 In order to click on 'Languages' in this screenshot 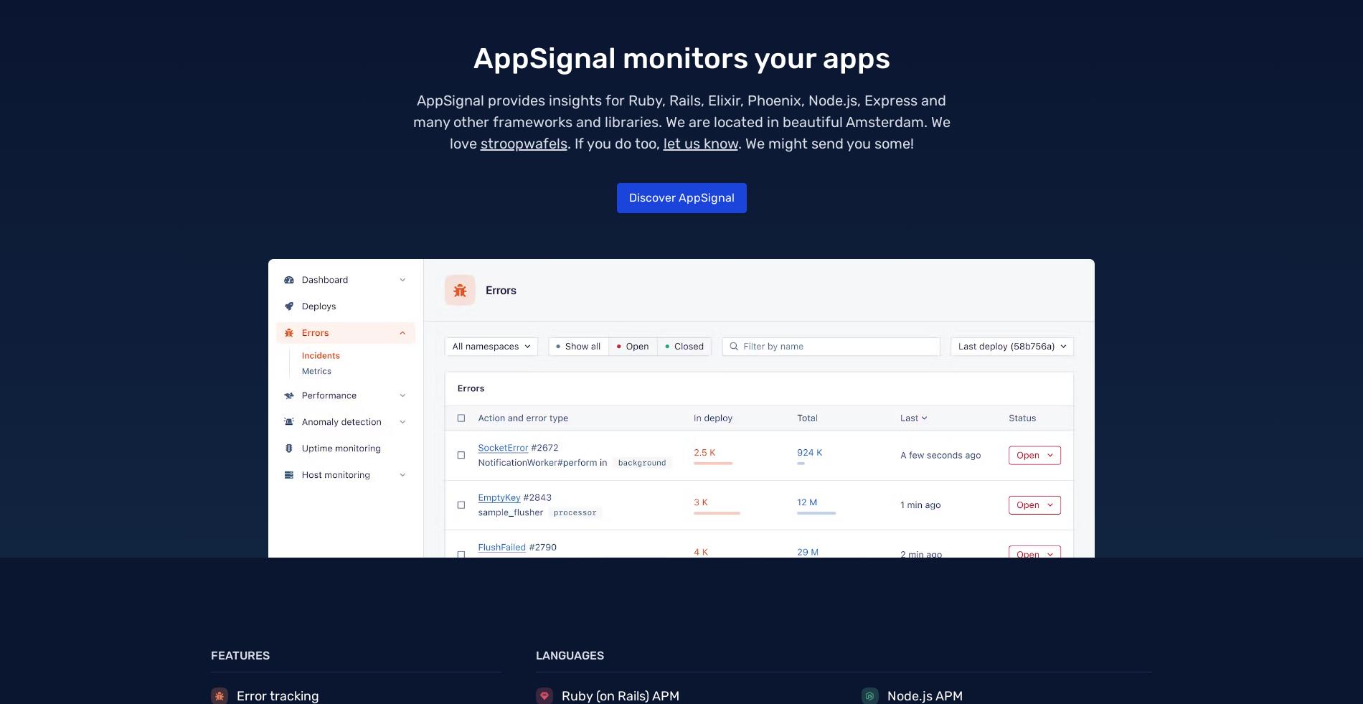, I will do `click(569, 655)`.